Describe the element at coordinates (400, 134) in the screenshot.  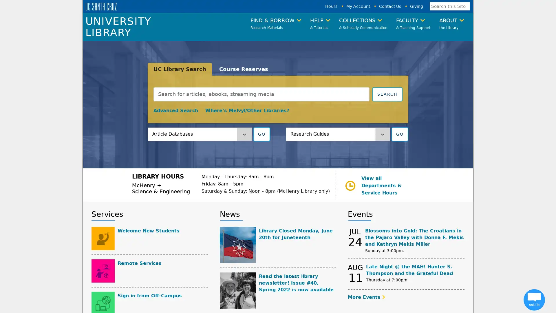
I see `GO` at that location.